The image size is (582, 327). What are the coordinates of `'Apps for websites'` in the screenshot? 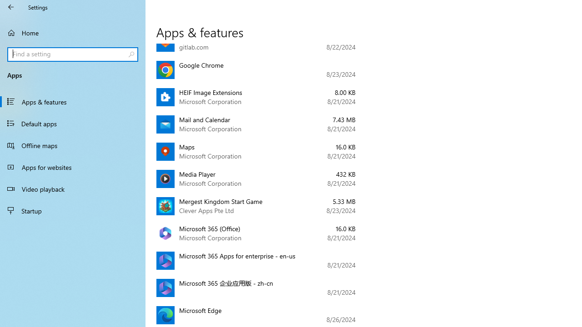 It's located at (73, 167).